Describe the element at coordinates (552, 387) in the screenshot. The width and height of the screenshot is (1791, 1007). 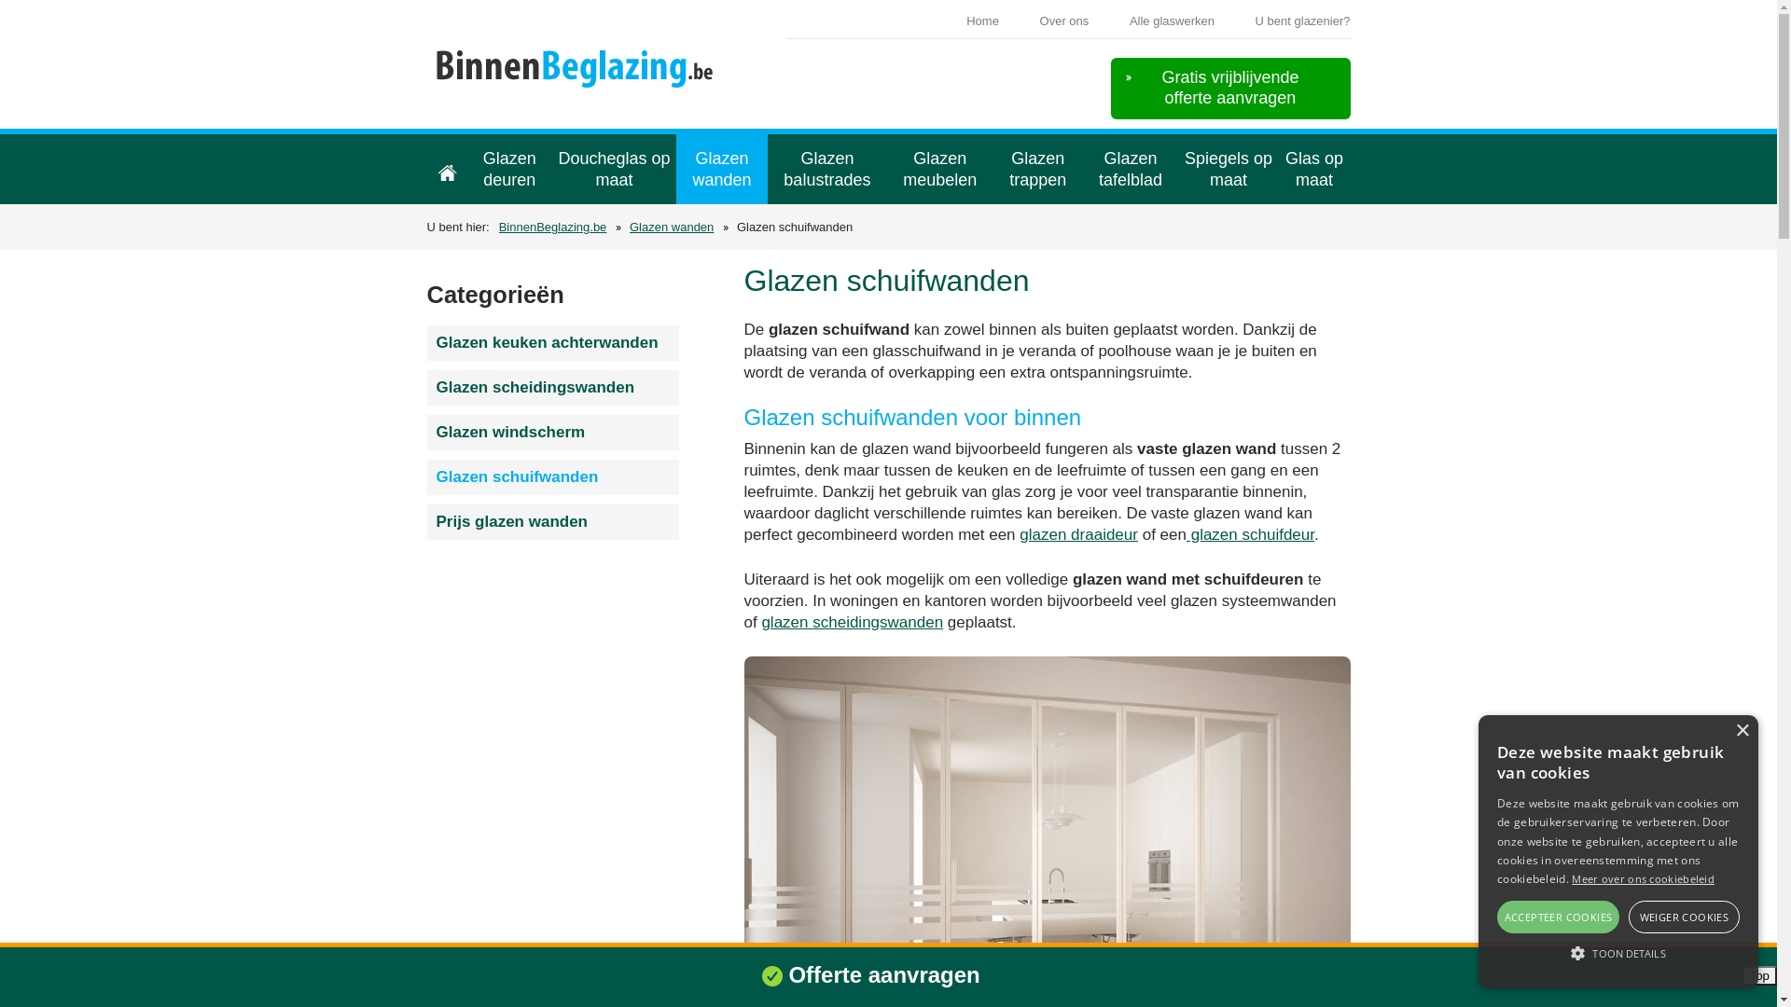
I see `'Glazen scheidingswanden'` at that location.